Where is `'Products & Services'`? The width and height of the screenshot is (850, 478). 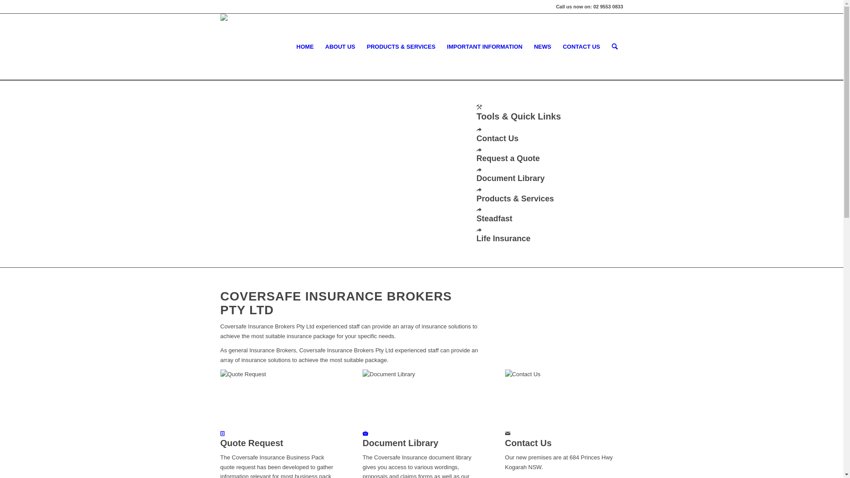
'Products & Services' is located at coordinates (515, 198).